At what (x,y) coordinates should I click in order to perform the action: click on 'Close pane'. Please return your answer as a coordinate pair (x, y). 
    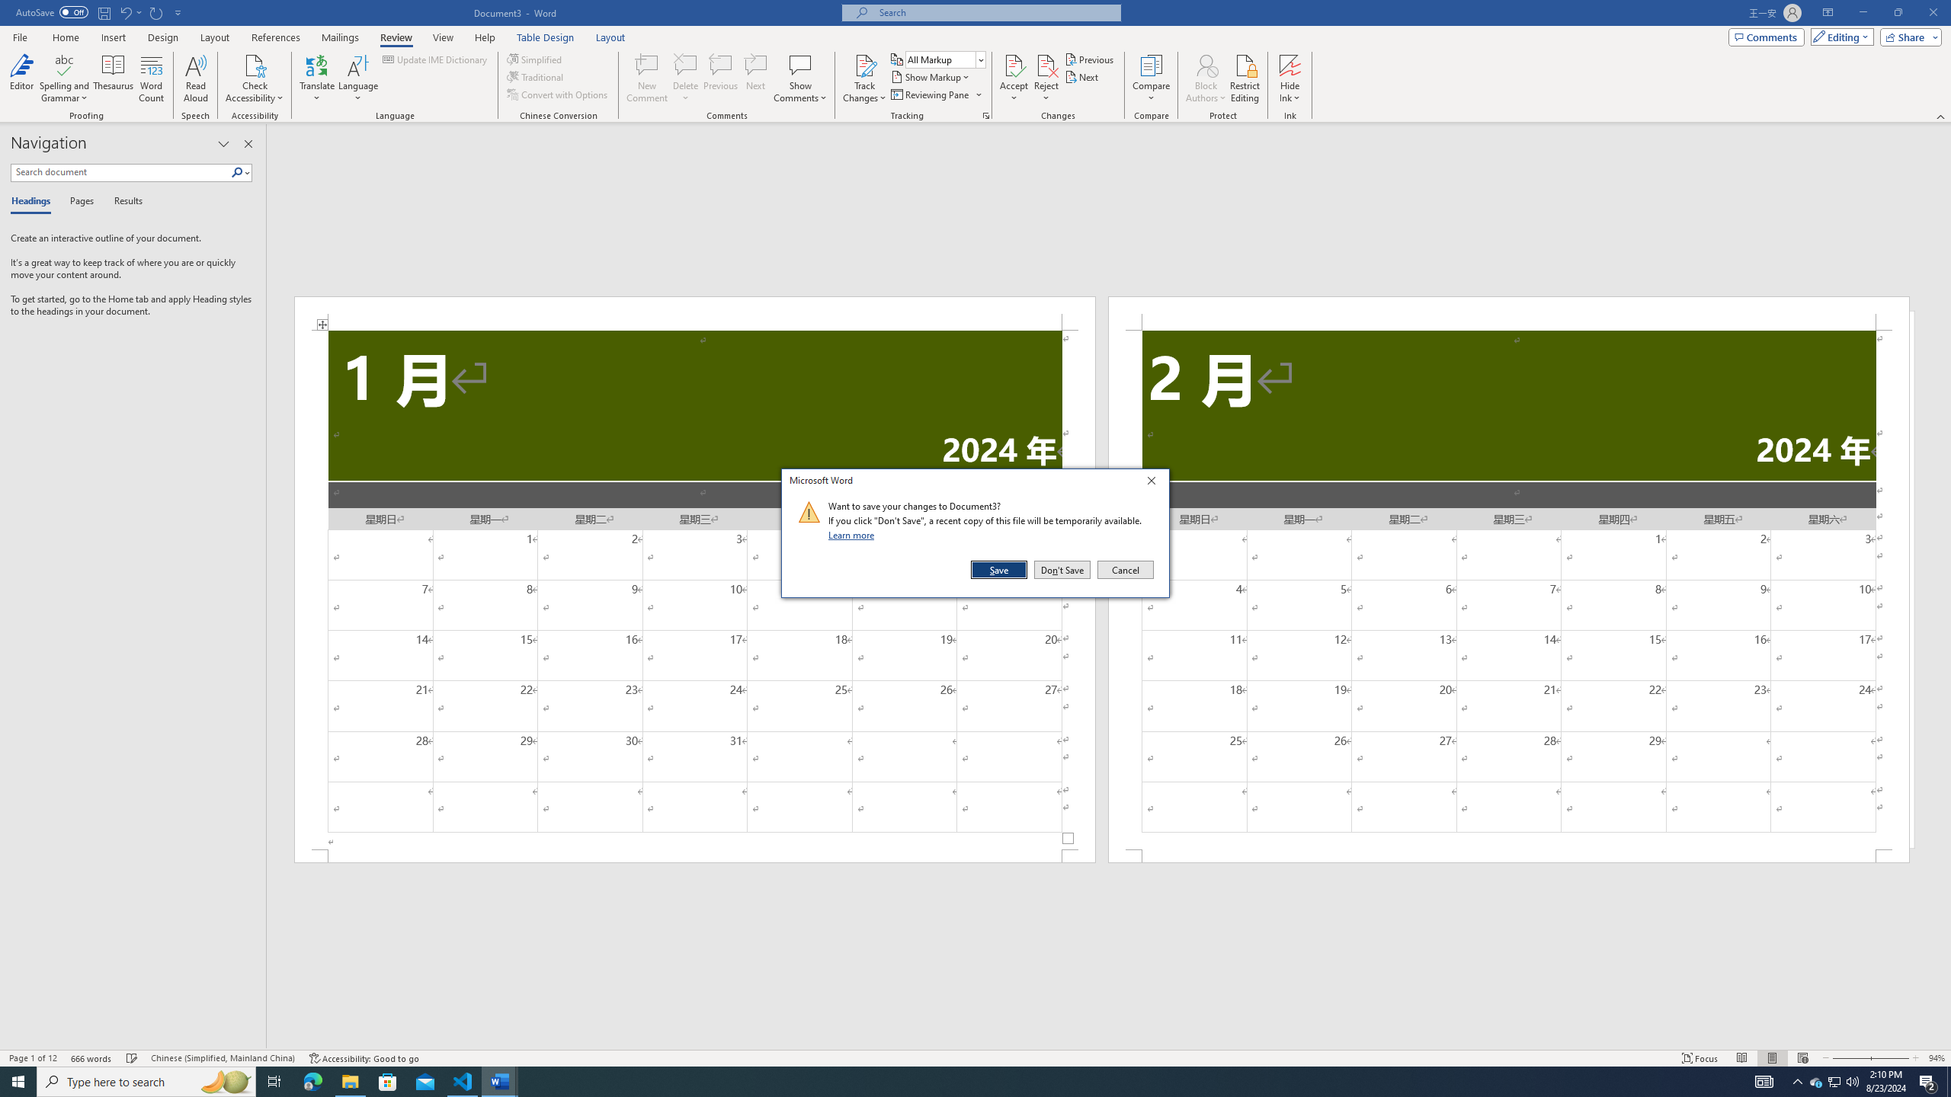
    Looking at the image, I should click on (248, 143).